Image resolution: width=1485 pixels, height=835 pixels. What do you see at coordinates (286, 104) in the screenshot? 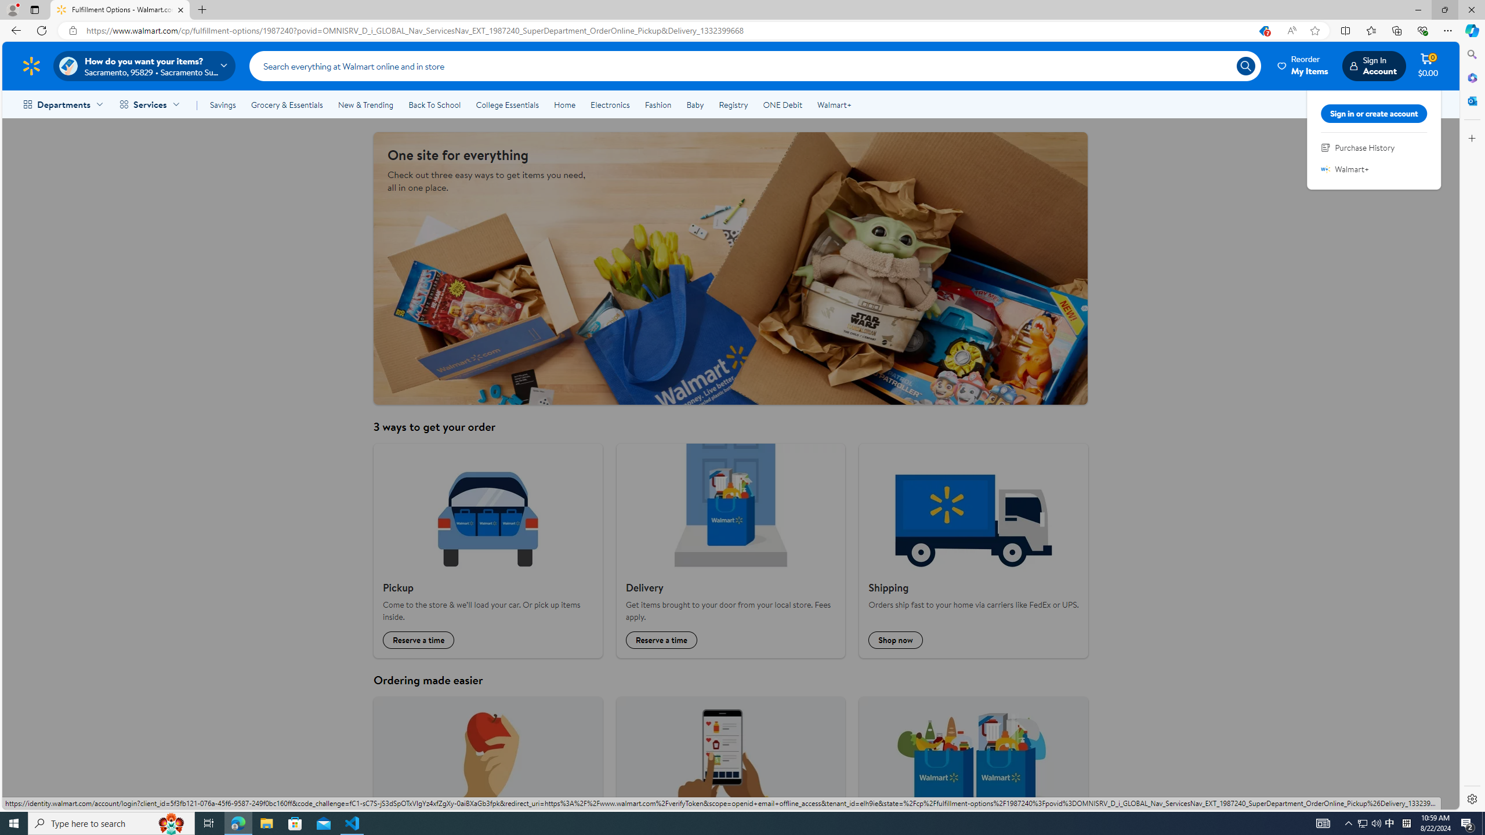
I see `'Grocery & Essentials'` at bounding box center [286, 104].